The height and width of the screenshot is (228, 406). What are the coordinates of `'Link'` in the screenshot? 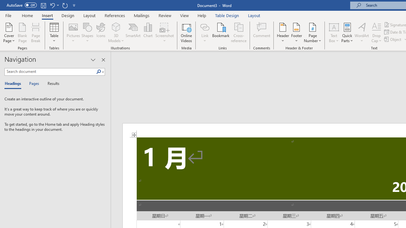 It's located at (205, 27).